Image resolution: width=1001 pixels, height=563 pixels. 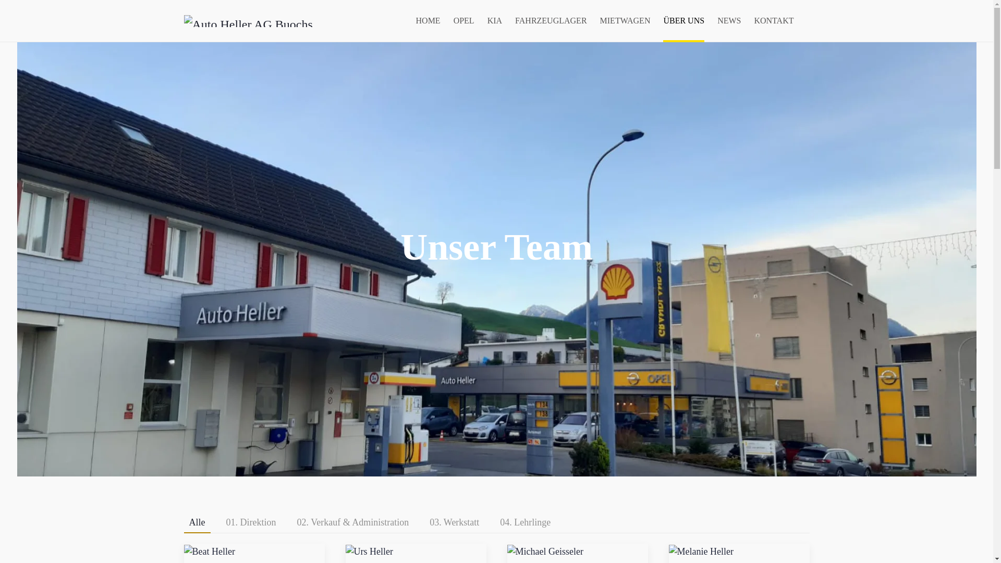 What do you see at coordinates (550, 20) in the screenshot?
I see `'FAHRZEUGLAGER'` at bounding box center [550, 20].